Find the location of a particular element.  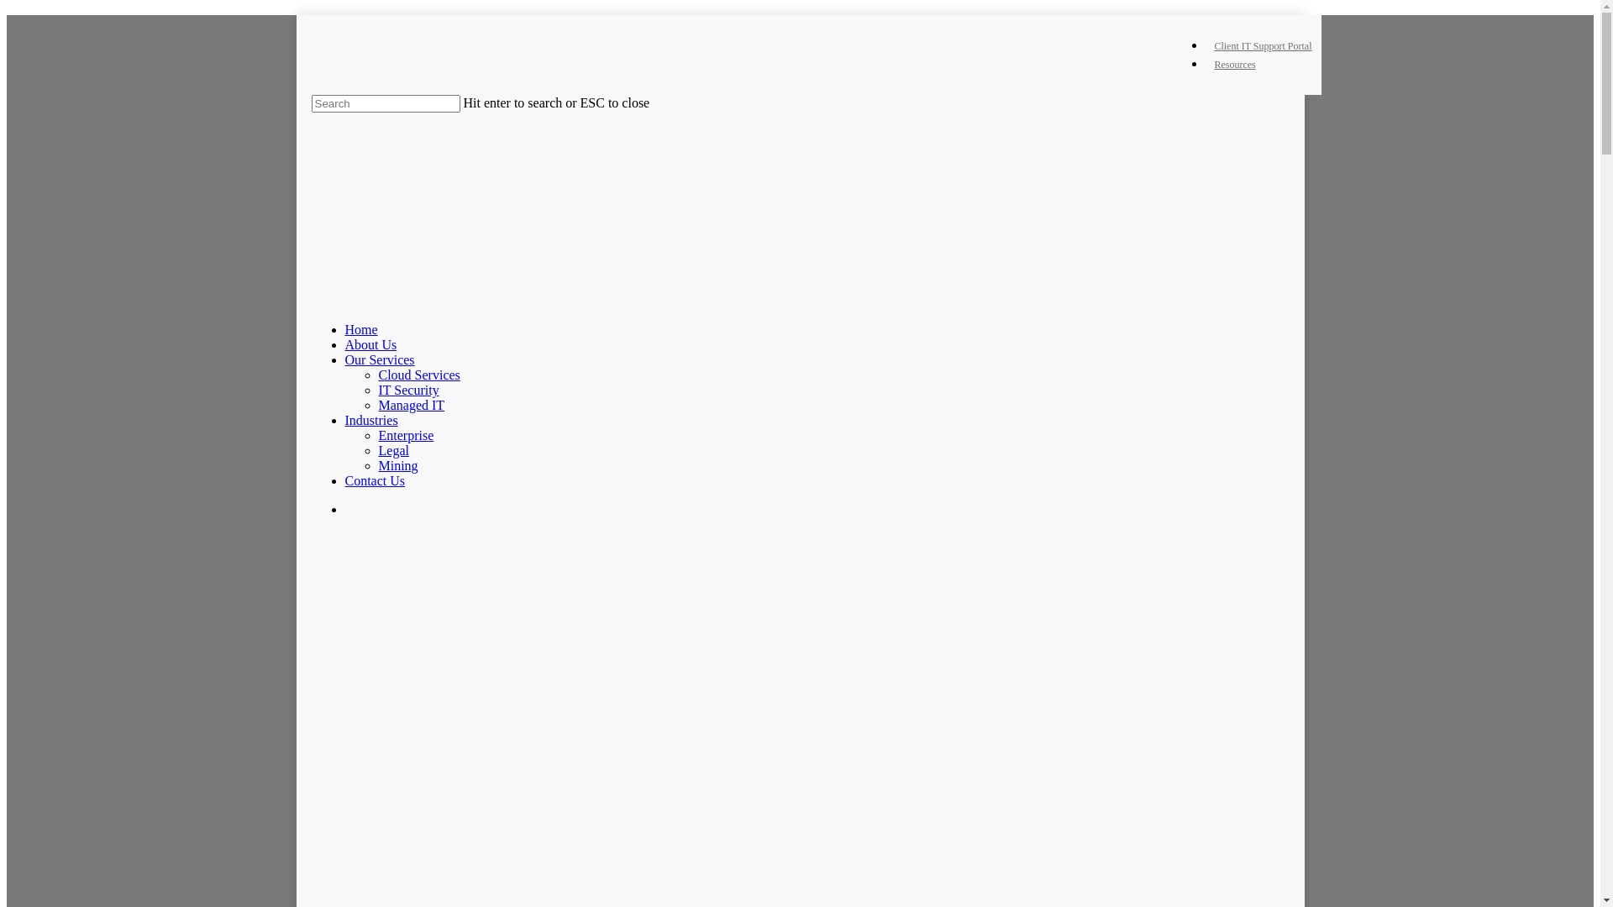

'Advertisement' is located at coordinates (814, 670).